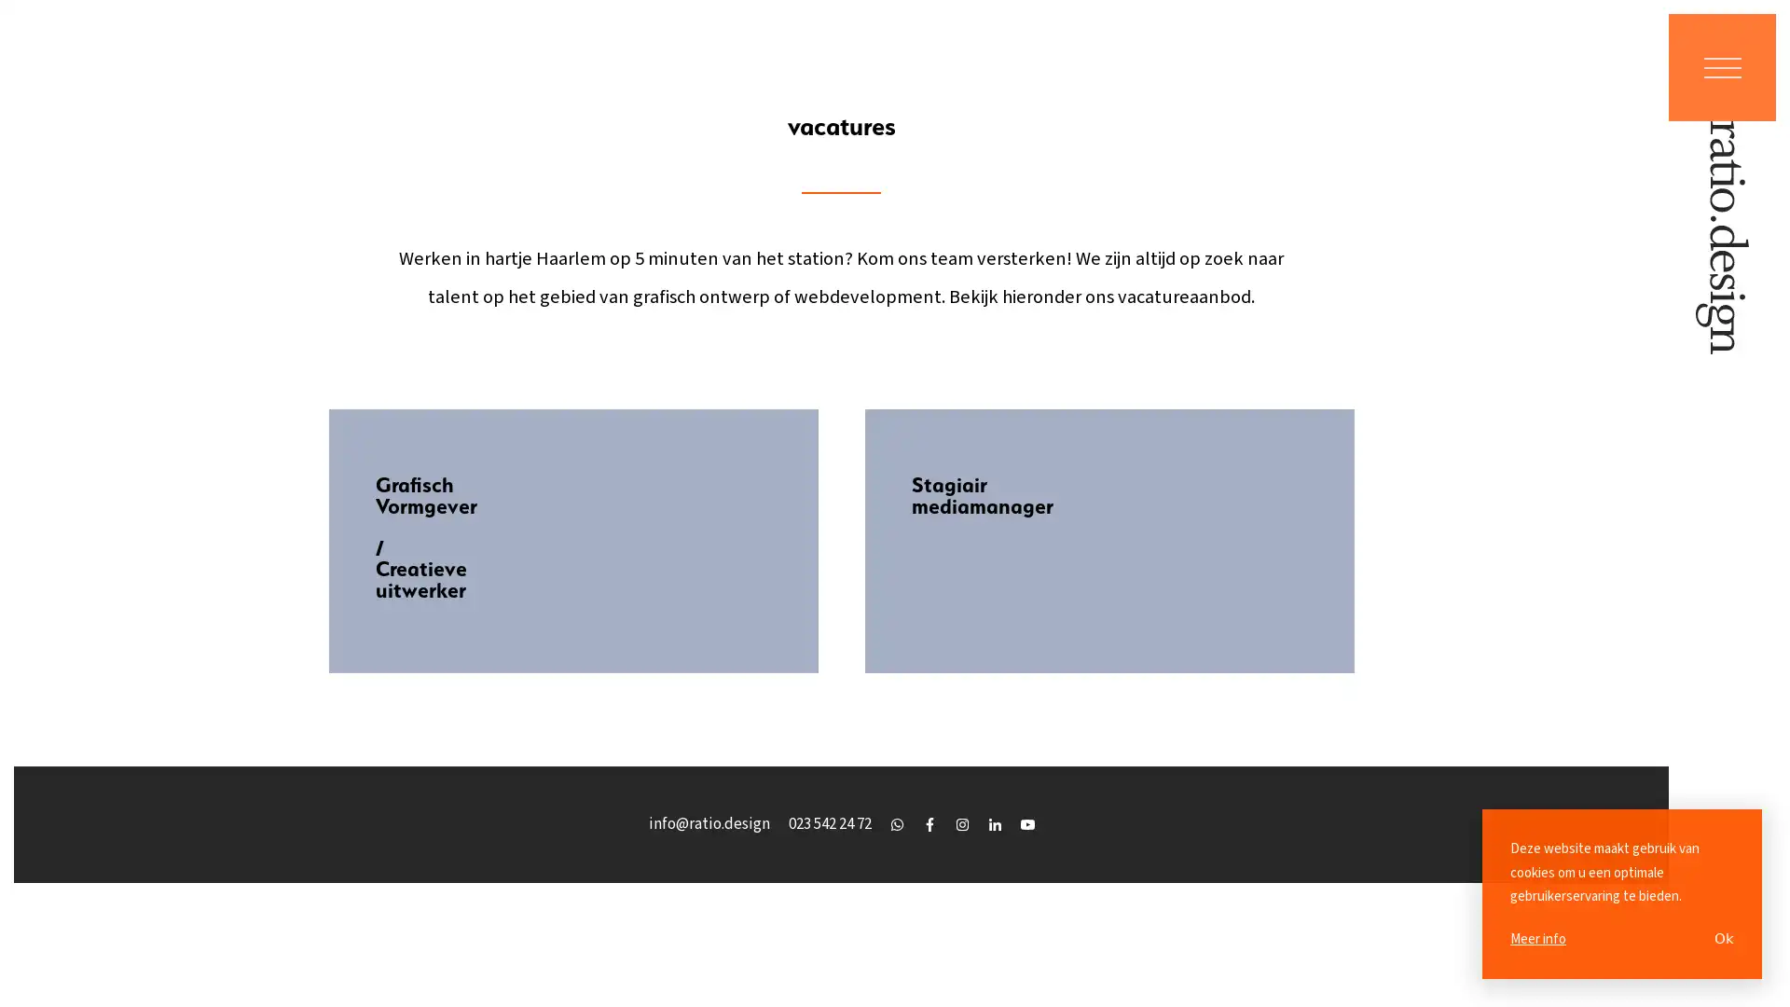 This screenshot has width=1790, height=1007. What do you see at coordinates (1723, 938) in the screenshot?
I see `Ok` at bounding box center [1723, 938].